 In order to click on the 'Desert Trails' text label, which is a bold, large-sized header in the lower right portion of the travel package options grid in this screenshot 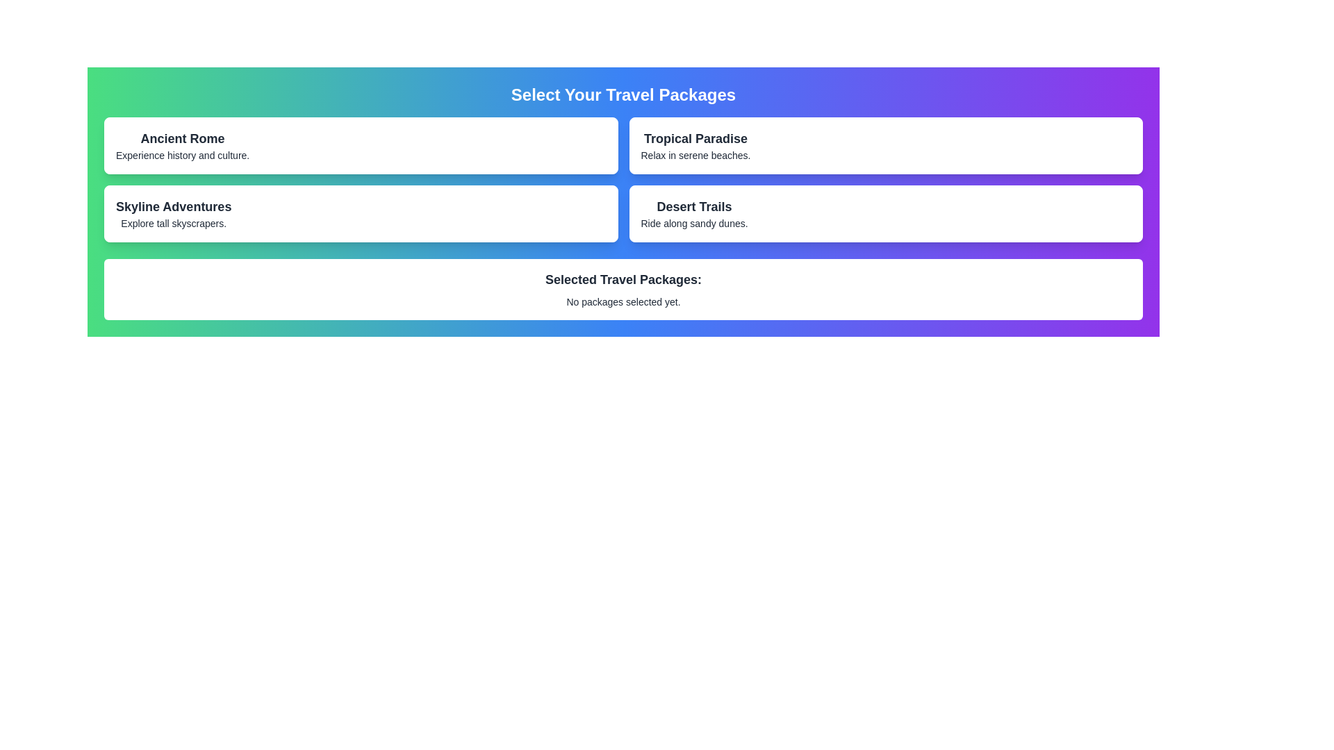, I will do `click(694, 206)`.